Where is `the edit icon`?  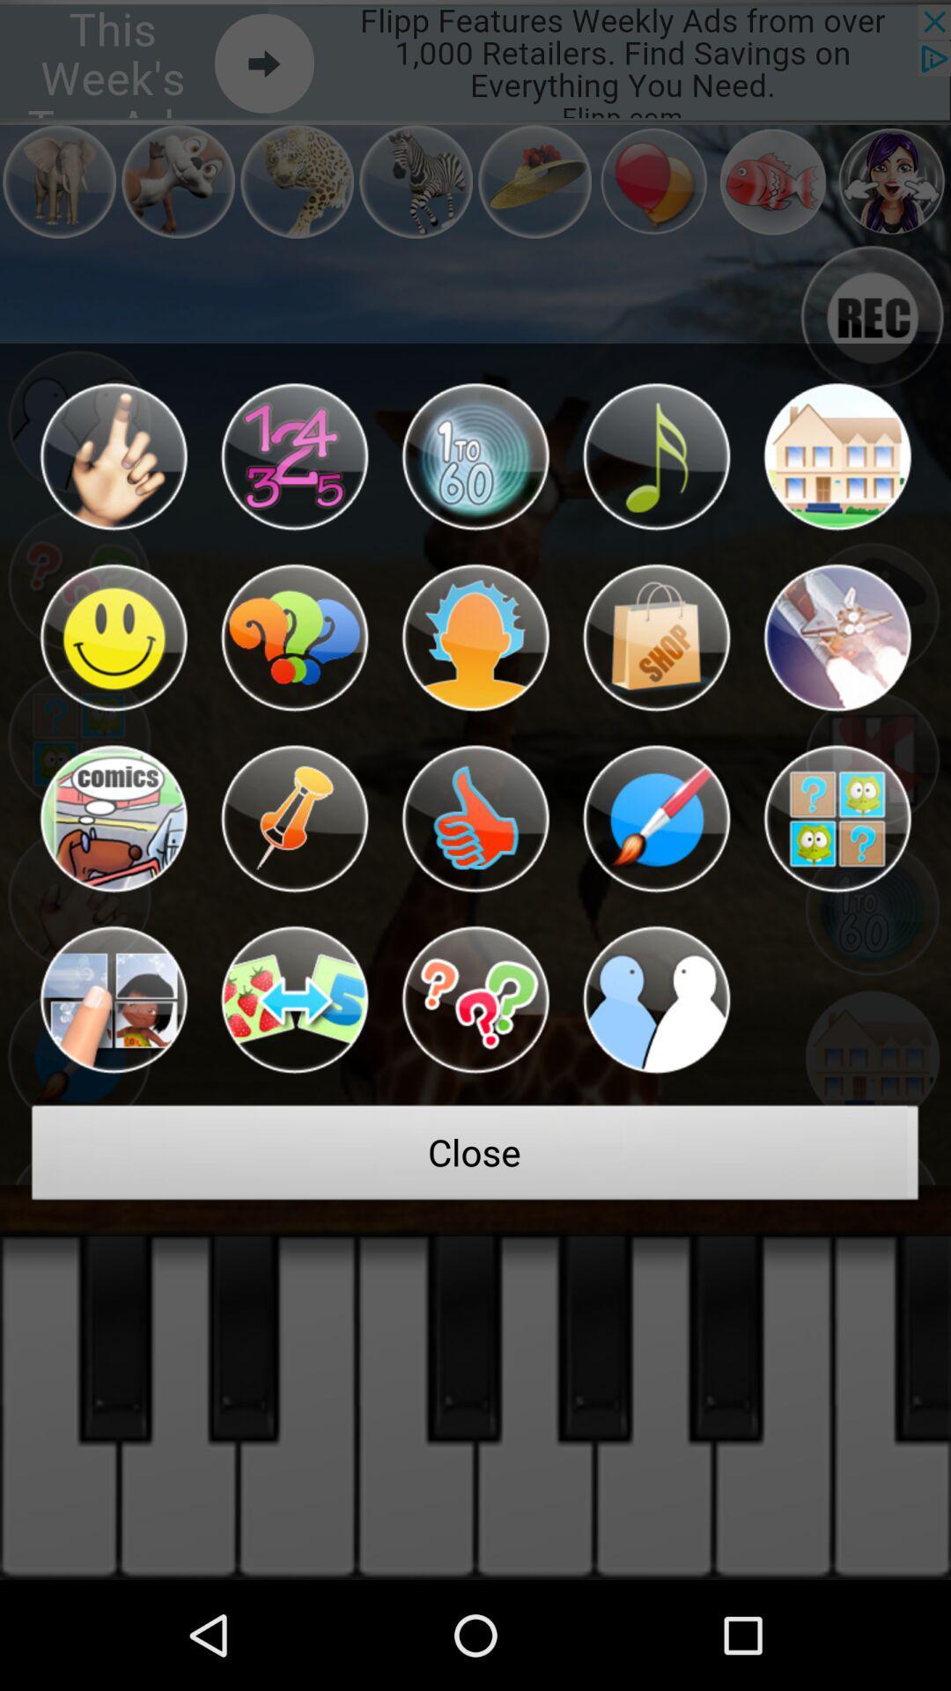
the edit icon is located at coordinates (656, 876).